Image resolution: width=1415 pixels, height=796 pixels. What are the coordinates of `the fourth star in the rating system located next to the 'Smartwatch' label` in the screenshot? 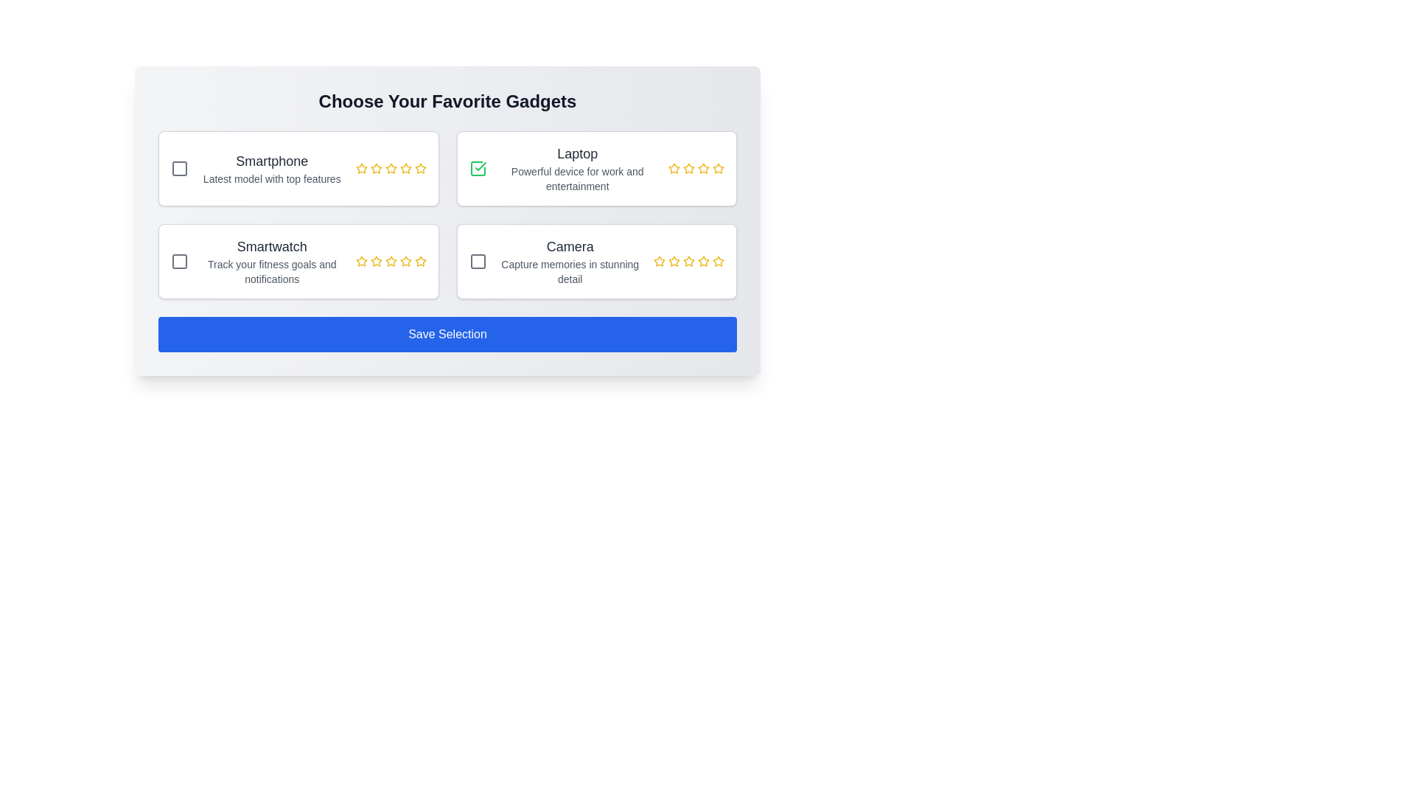 It's located at (391, 260).